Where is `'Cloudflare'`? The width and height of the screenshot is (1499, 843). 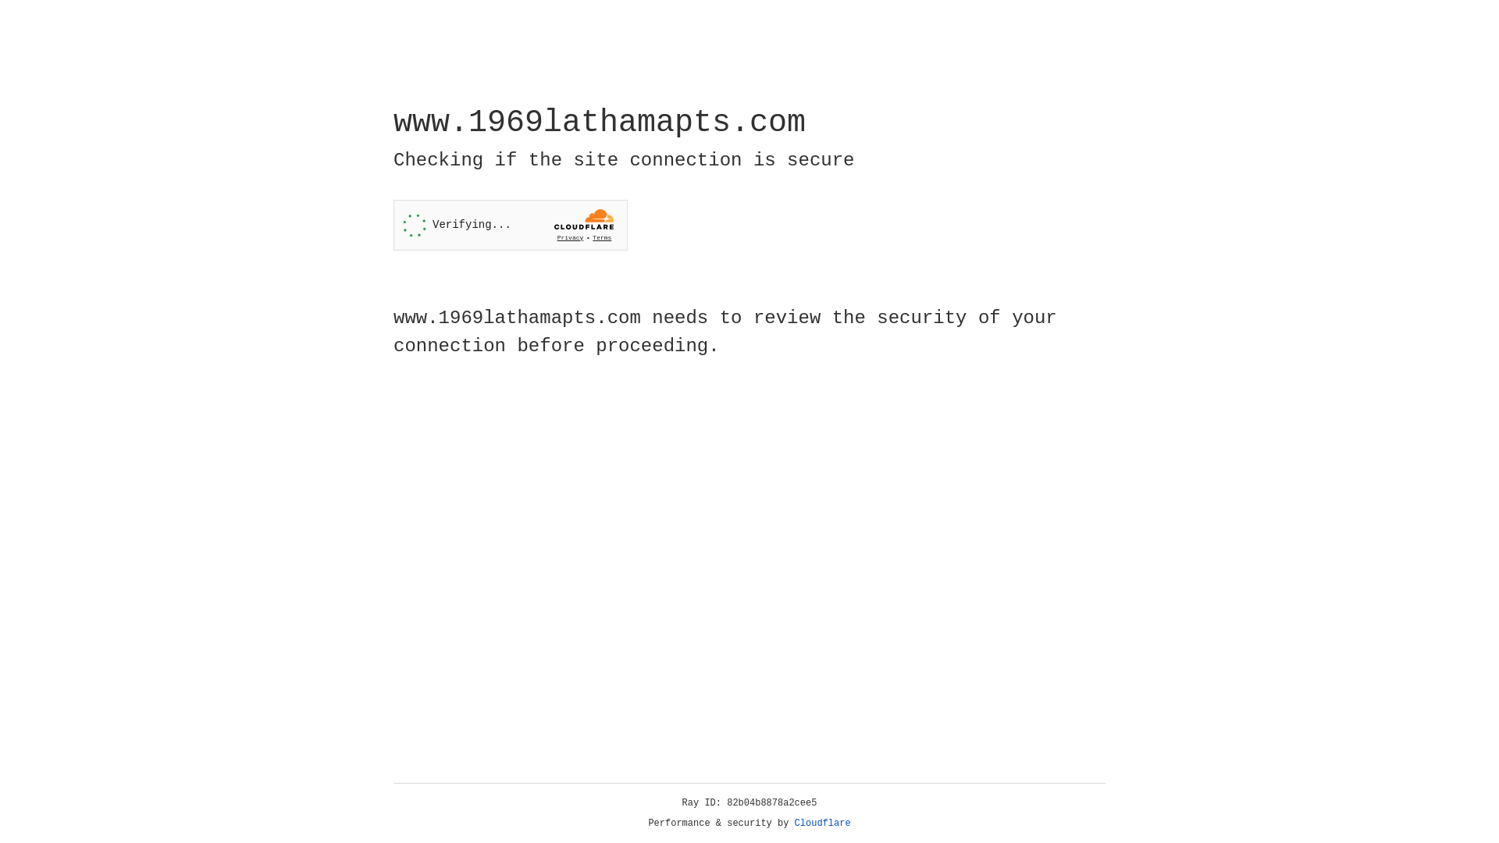 'Cloudflare' is located at coordinates (822, 823).